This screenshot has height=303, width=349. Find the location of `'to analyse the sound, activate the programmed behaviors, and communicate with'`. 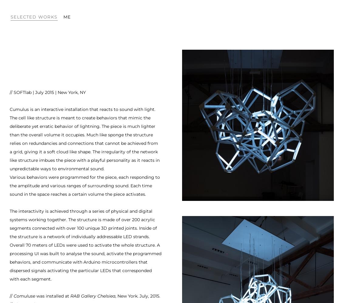

'to analyse the sound, activate the programmed behaviors, and communicate with' is located at coordinates (9, 258).